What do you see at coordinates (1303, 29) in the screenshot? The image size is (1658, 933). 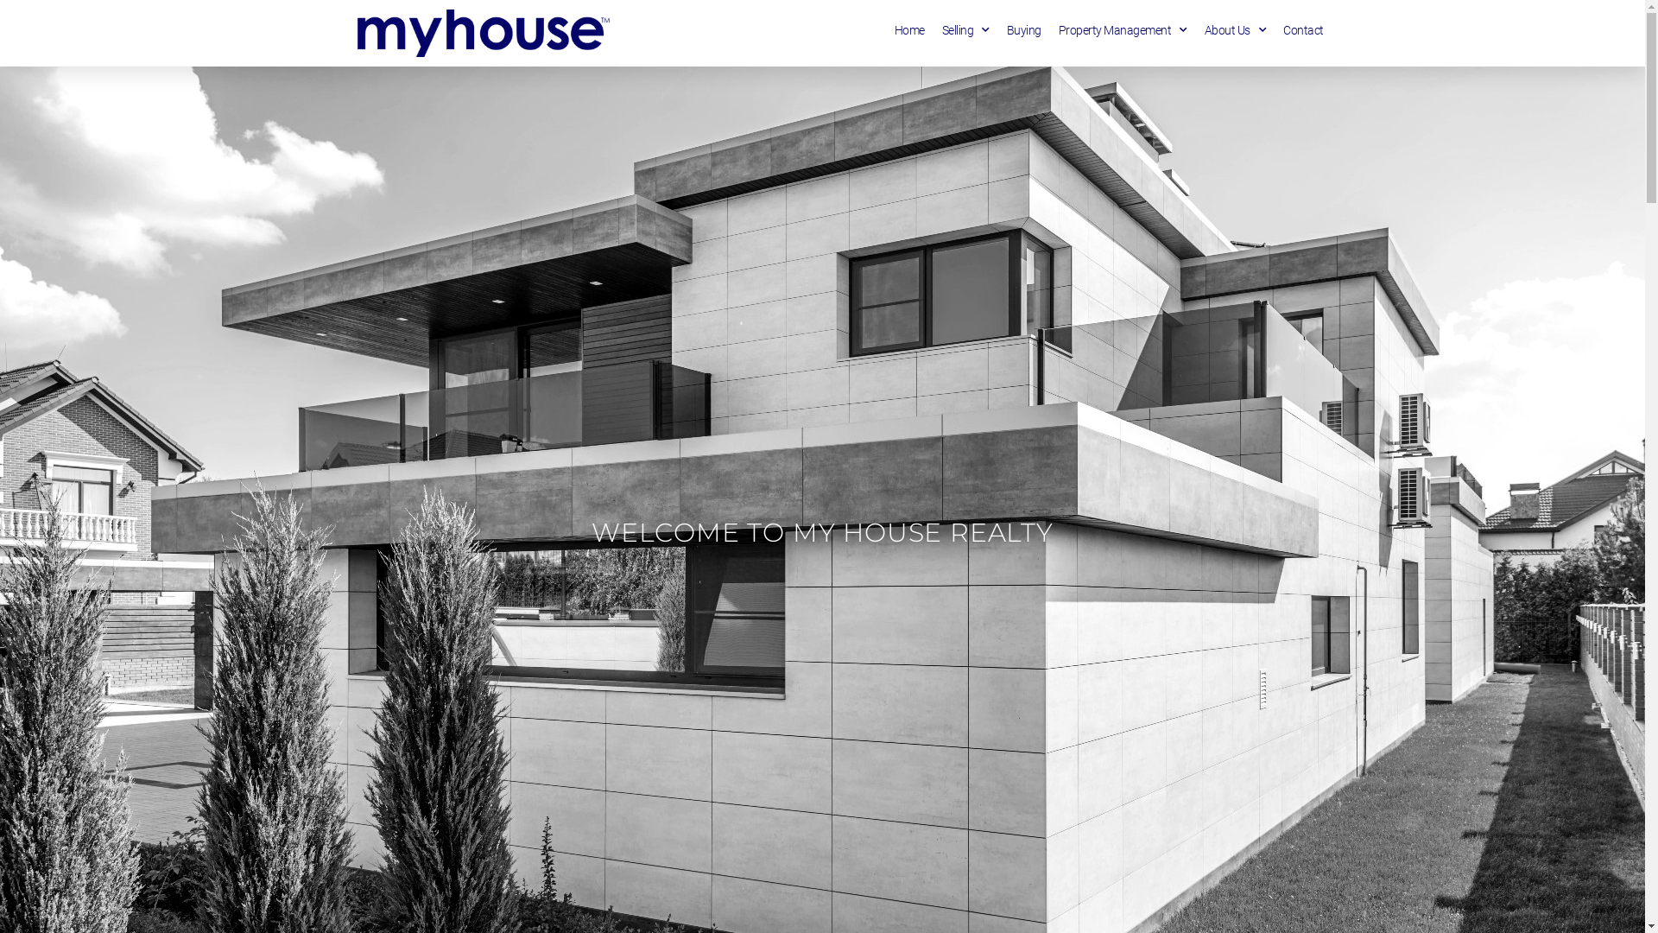 I see `'Contact'` at bounding box center [1303, 29].